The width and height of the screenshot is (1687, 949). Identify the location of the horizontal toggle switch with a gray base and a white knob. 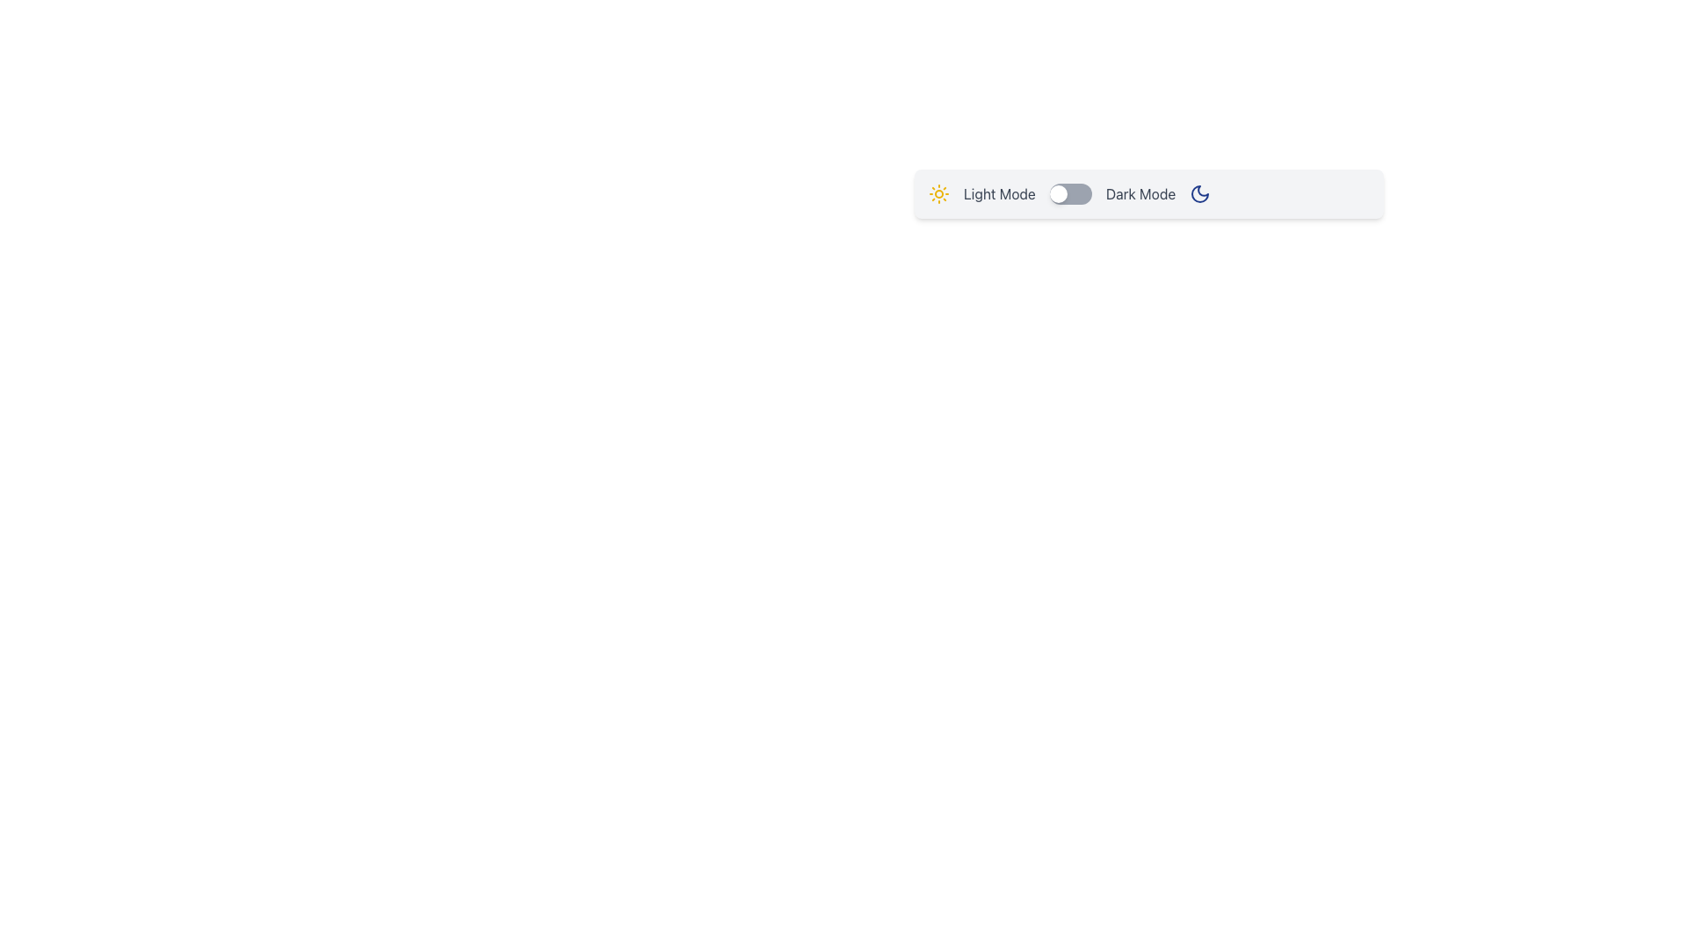
(1069, 193).